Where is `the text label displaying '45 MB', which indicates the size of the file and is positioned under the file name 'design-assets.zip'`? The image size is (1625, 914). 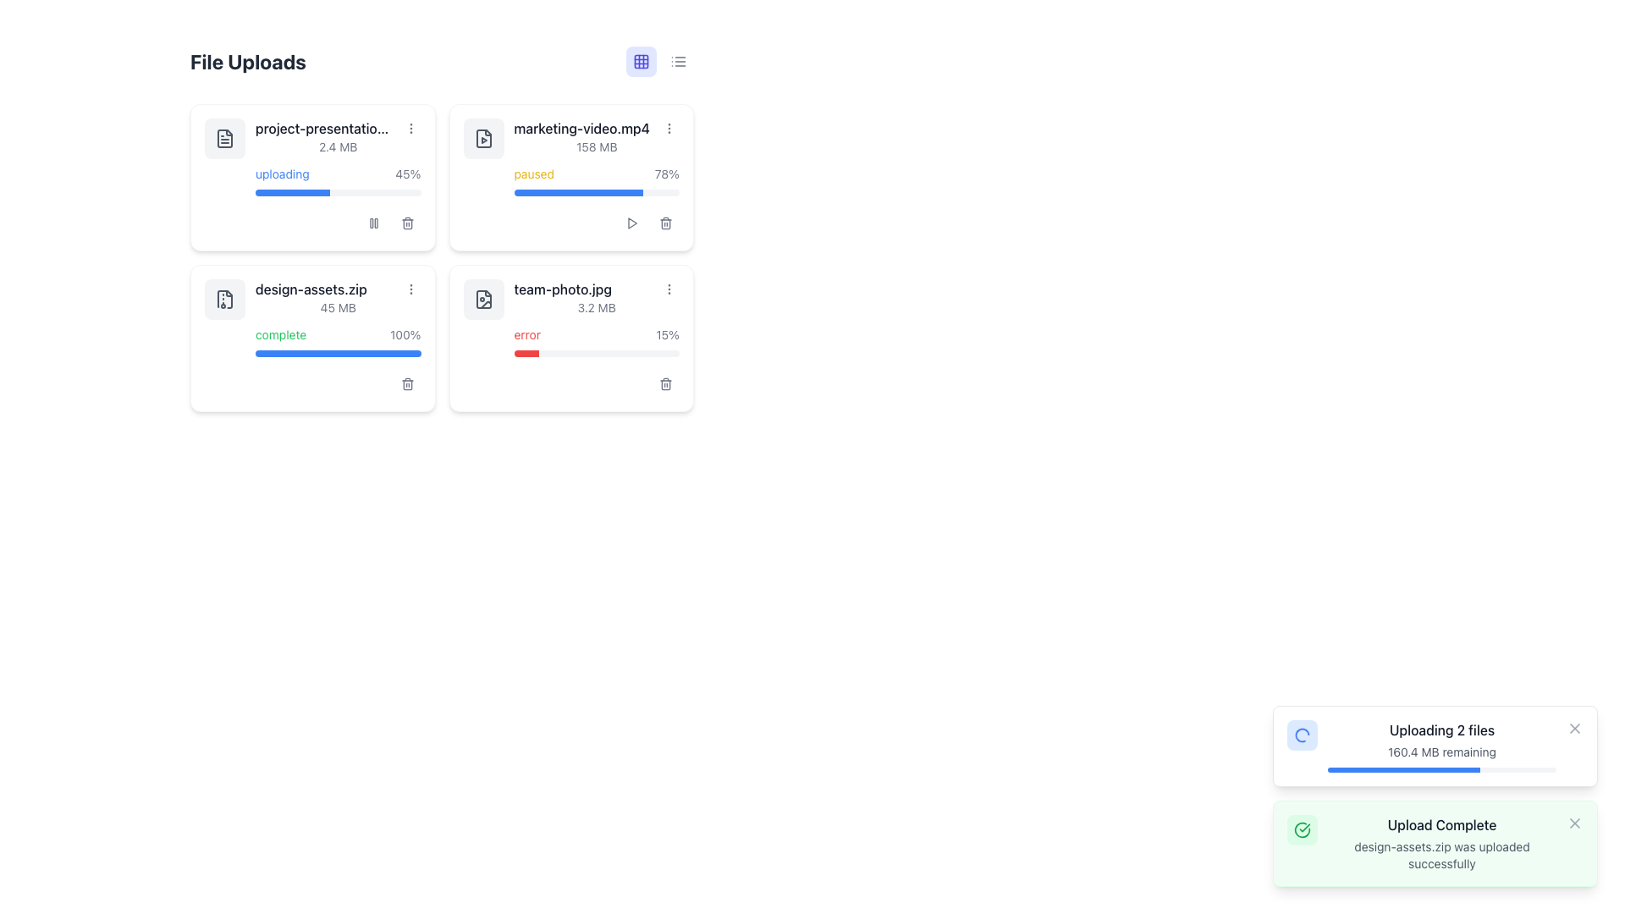
the text label displaying '45 MB', which indicates the size of the file and is positioned under the file name 'design-assets.zip' is located at coordinates (338, 307).